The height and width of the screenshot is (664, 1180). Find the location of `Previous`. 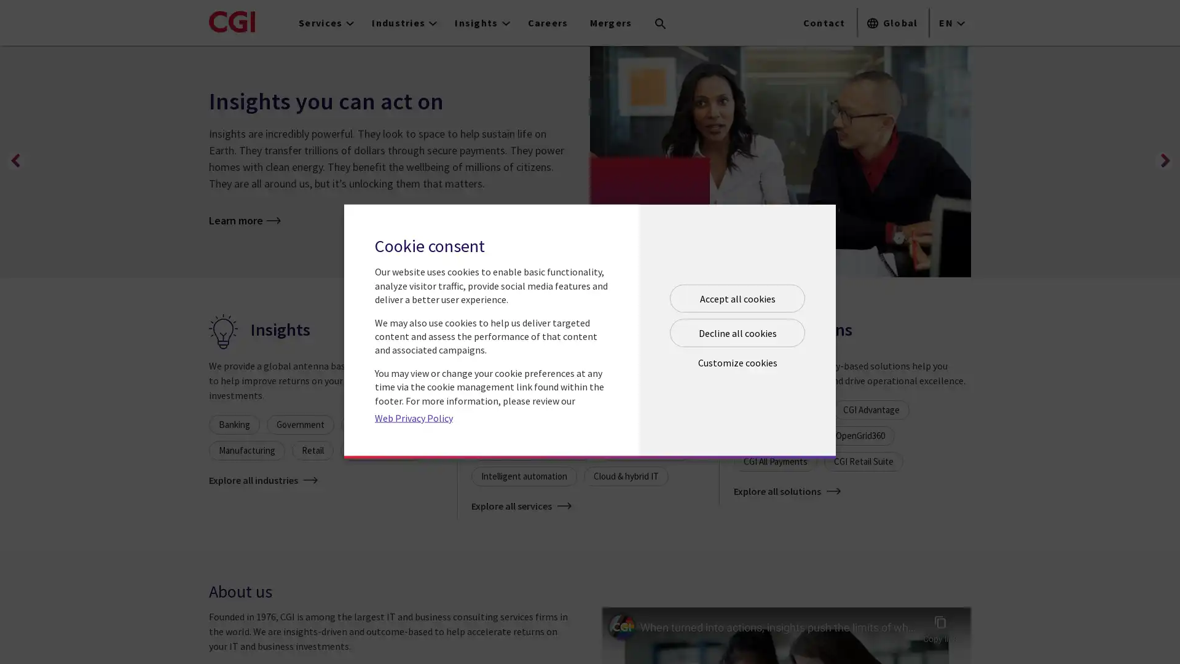

Previous is located at coordinates (15, 160).